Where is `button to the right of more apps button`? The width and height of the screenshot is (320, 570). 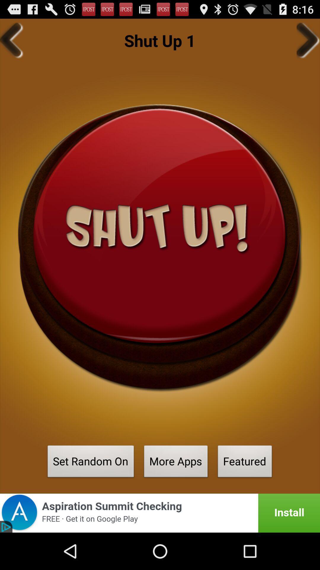
button to the right of more apps button is located at coordinates (245, 463).